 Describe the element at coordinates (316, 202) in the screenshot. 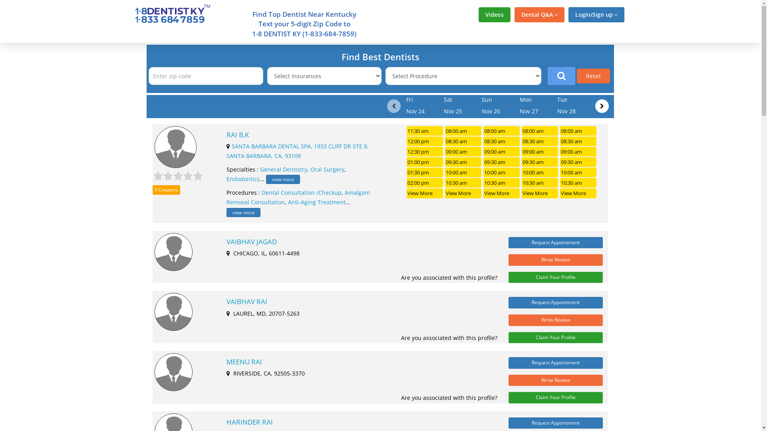

I see `'Anti-Aging Treatment'` at that location.